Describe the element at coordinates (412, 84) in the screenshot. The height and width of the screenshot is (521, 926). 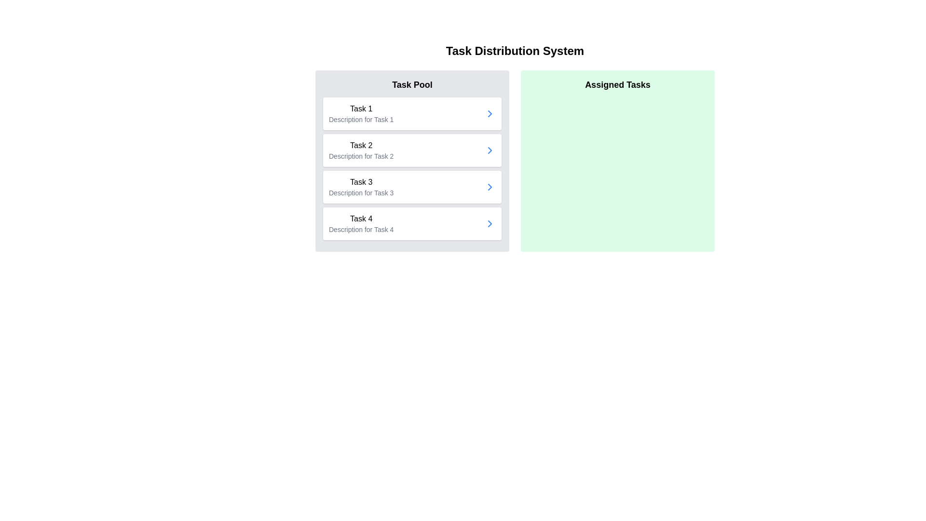
I see `text label that reads 'Task Pool', which is prominently displayed at the top of the task list pane` at that location.